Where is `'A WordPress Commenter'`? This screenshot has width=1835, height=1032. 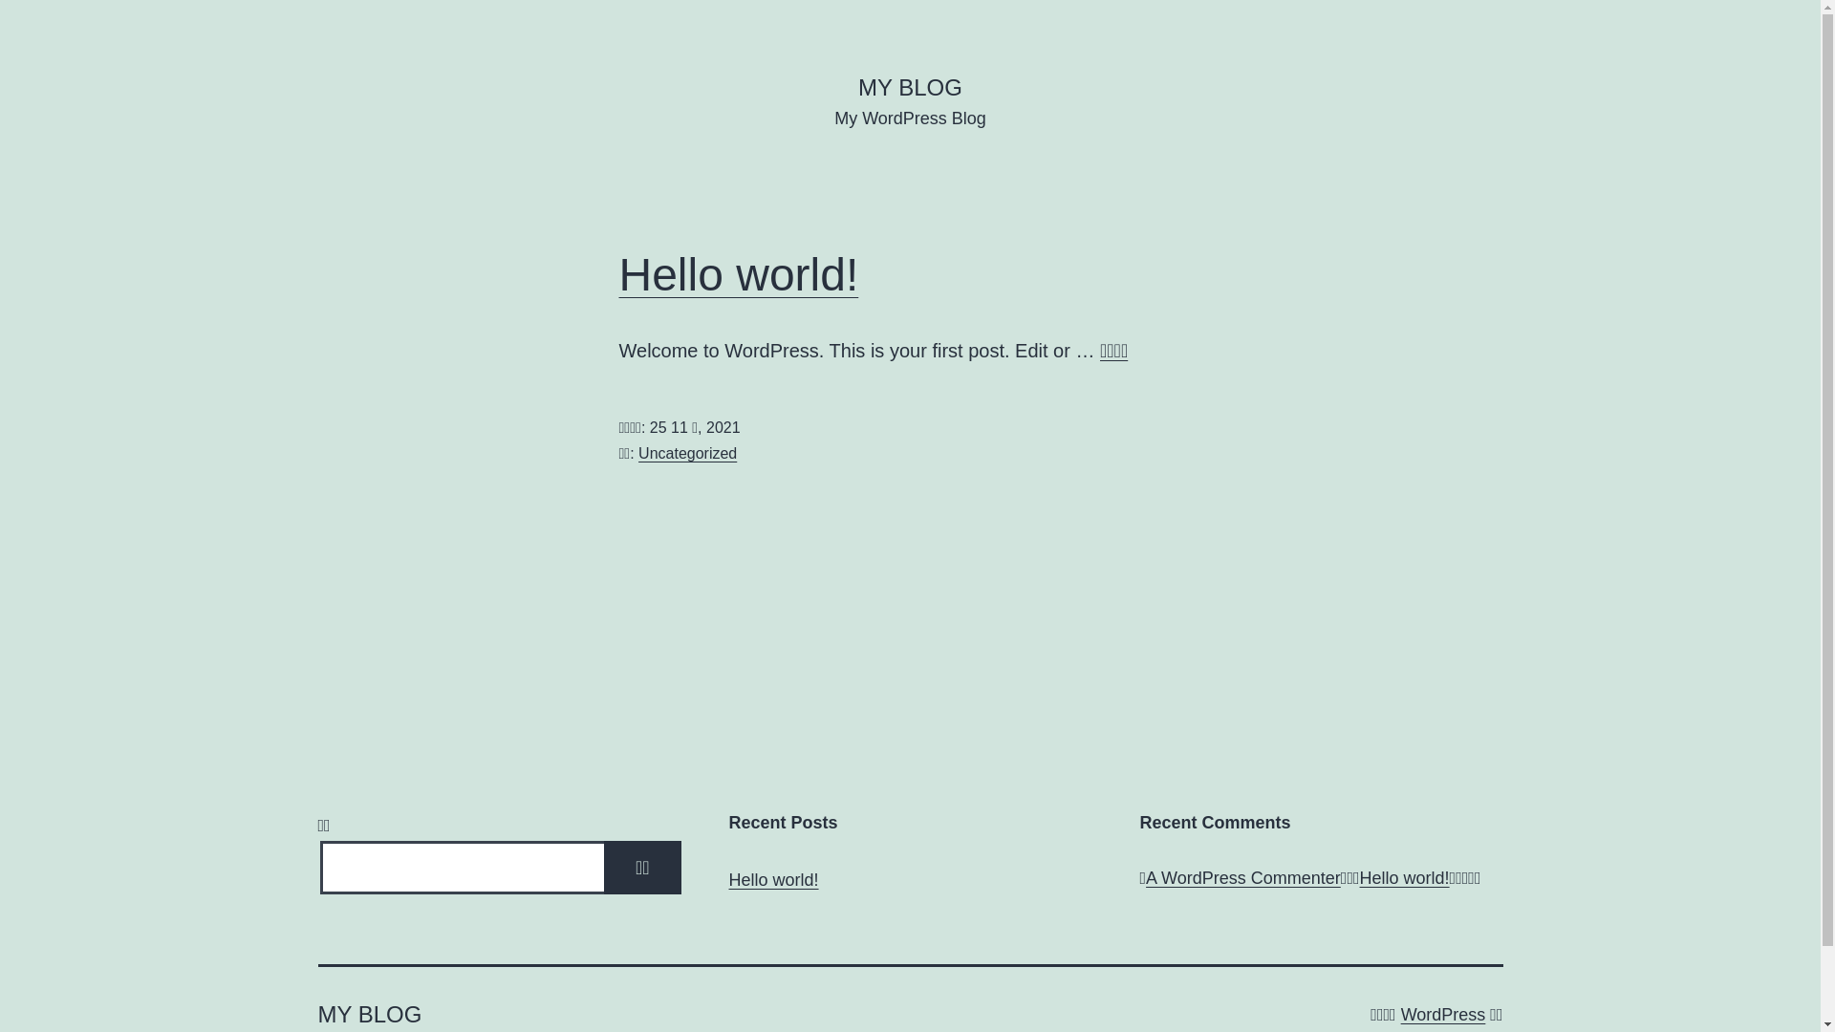 'A WordPress Commenter' is located at coordinates (1146, 877).